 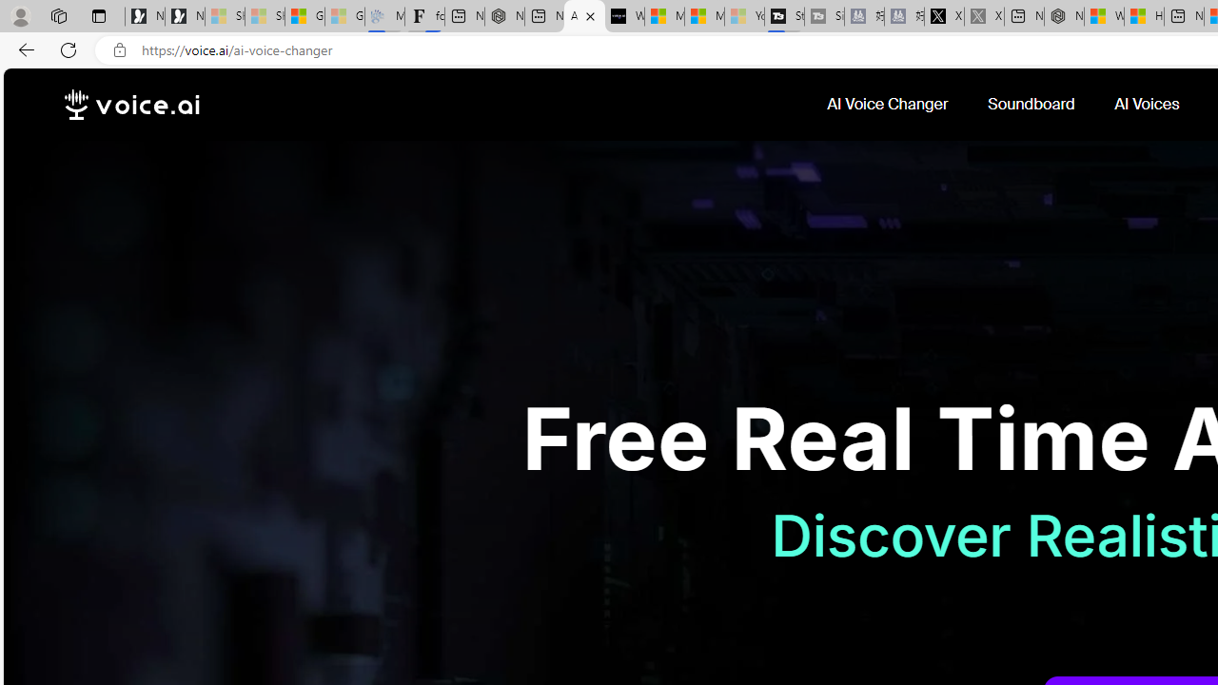 I want to click on 'Nordace - My Account', so click(x=1063, y=16).